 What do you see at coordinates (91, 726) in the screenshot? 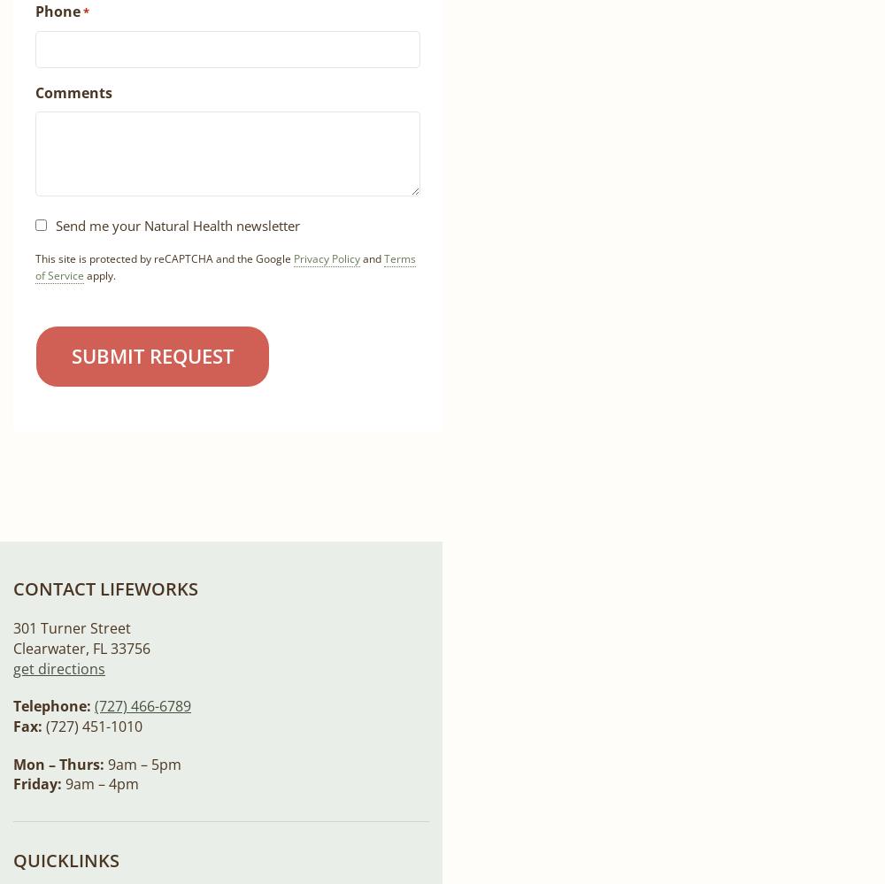
I see `'(727) 451-1010'` at bounding box center [91, 726].